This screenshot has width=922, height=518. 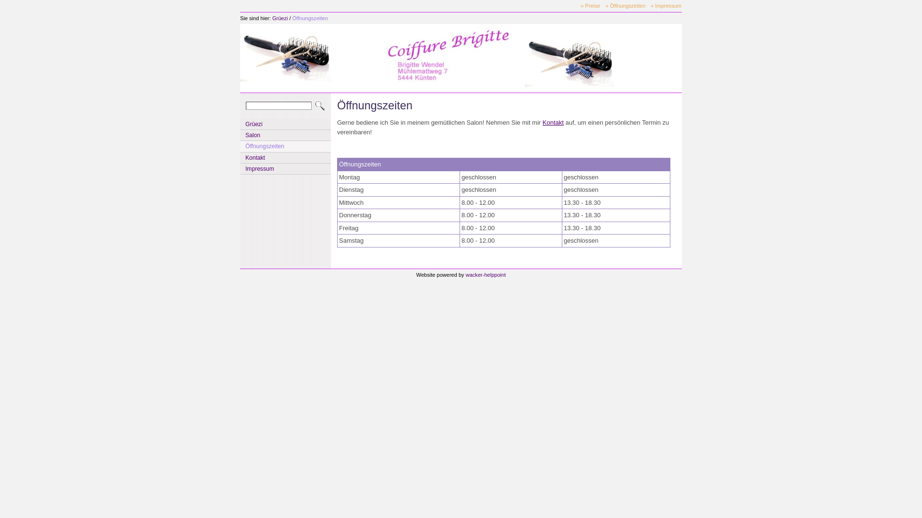 What do you see at coordinates (240, 157) in the screenshot?
I see `'Kontakt'` at bounding box center [240, 157].